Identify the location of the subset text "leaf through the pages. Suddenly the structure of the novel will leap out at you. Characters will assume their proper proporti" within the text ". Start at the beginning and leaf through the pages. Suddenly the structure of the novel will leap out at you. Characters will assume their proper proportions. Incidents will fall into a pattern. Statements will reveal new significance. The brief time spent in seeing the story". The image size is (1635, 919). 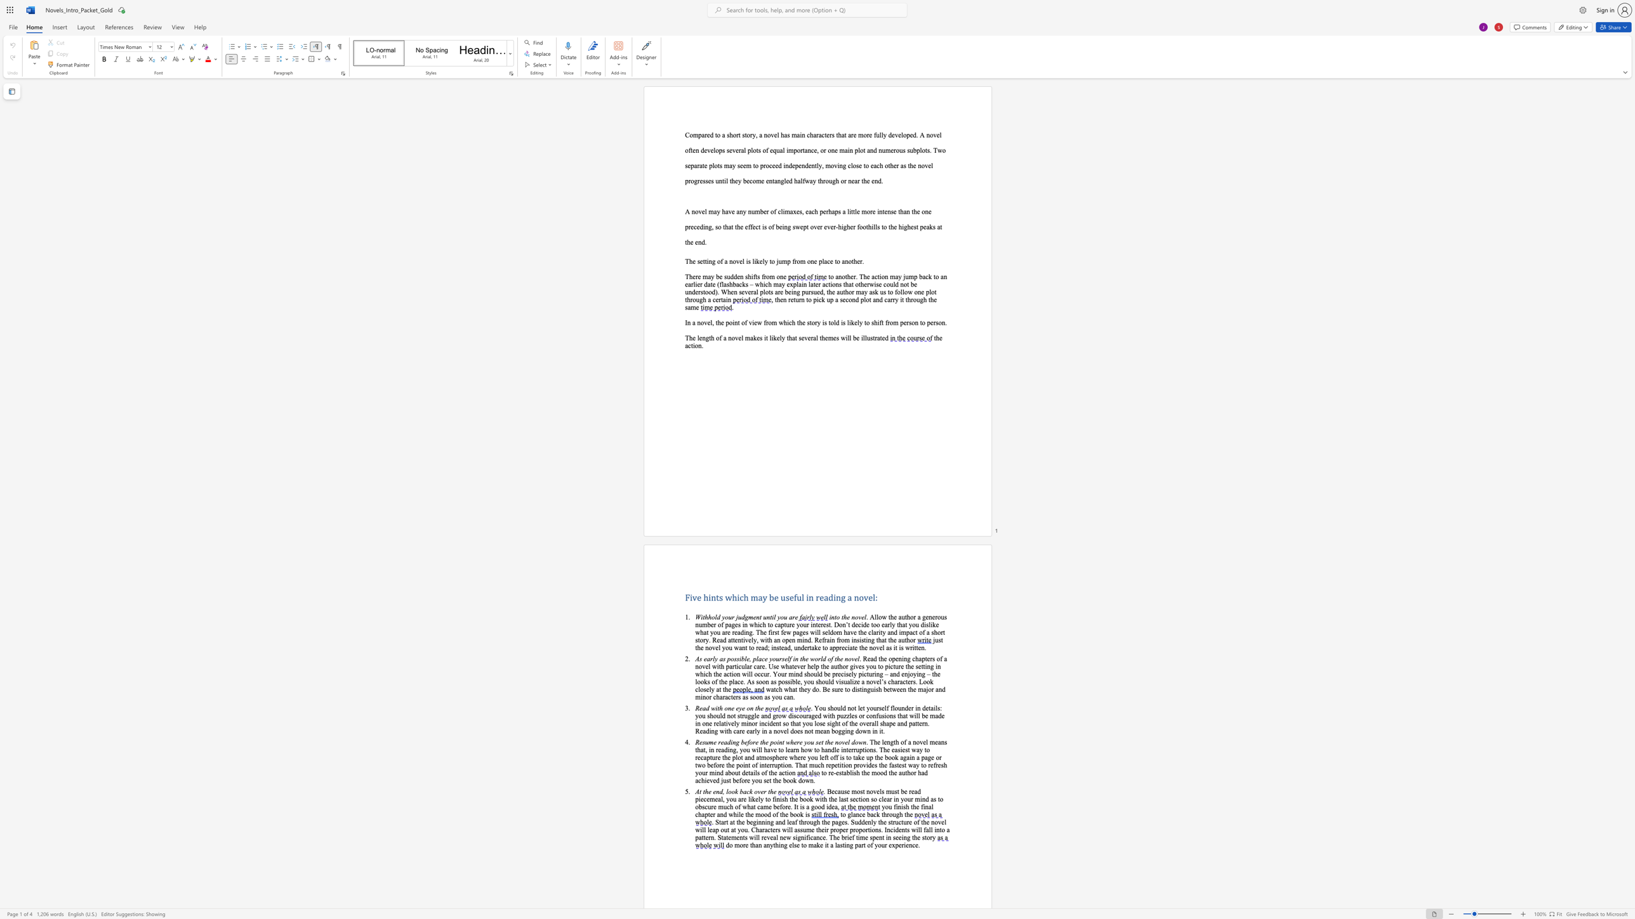
(786, 821).